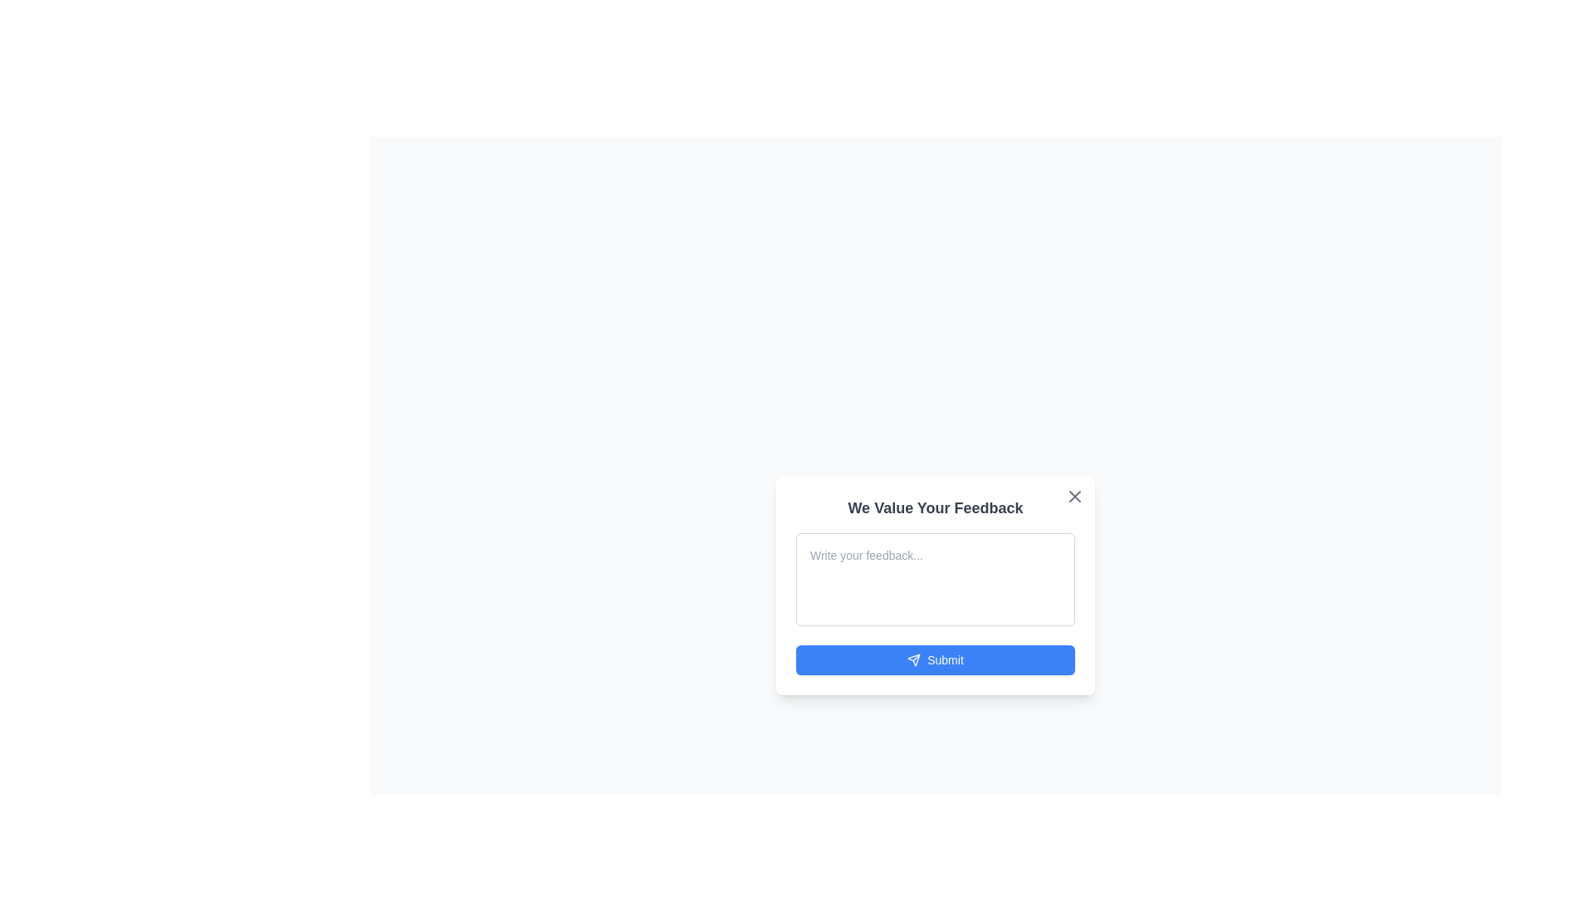  I want to click on the 'Submit' button icon, which serves as a visual indicator to send feedback input, so click(913, 659).